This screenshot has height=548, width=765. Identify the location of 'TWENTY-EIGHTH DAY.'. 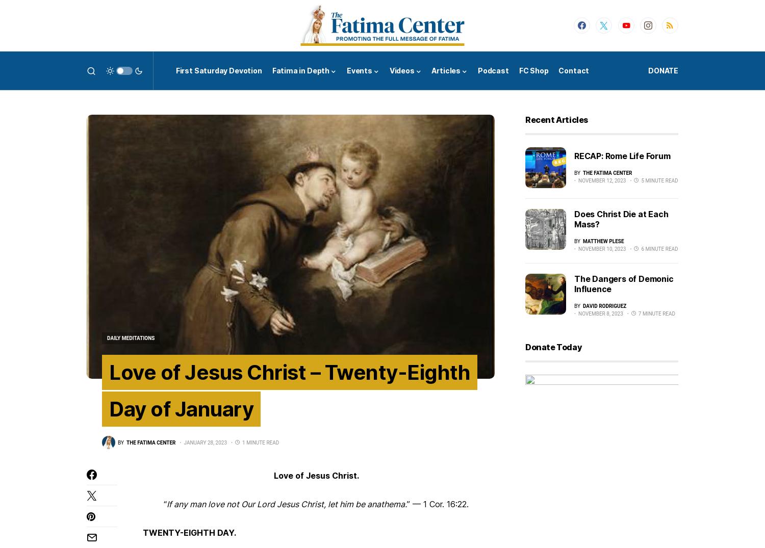
(189, 533).